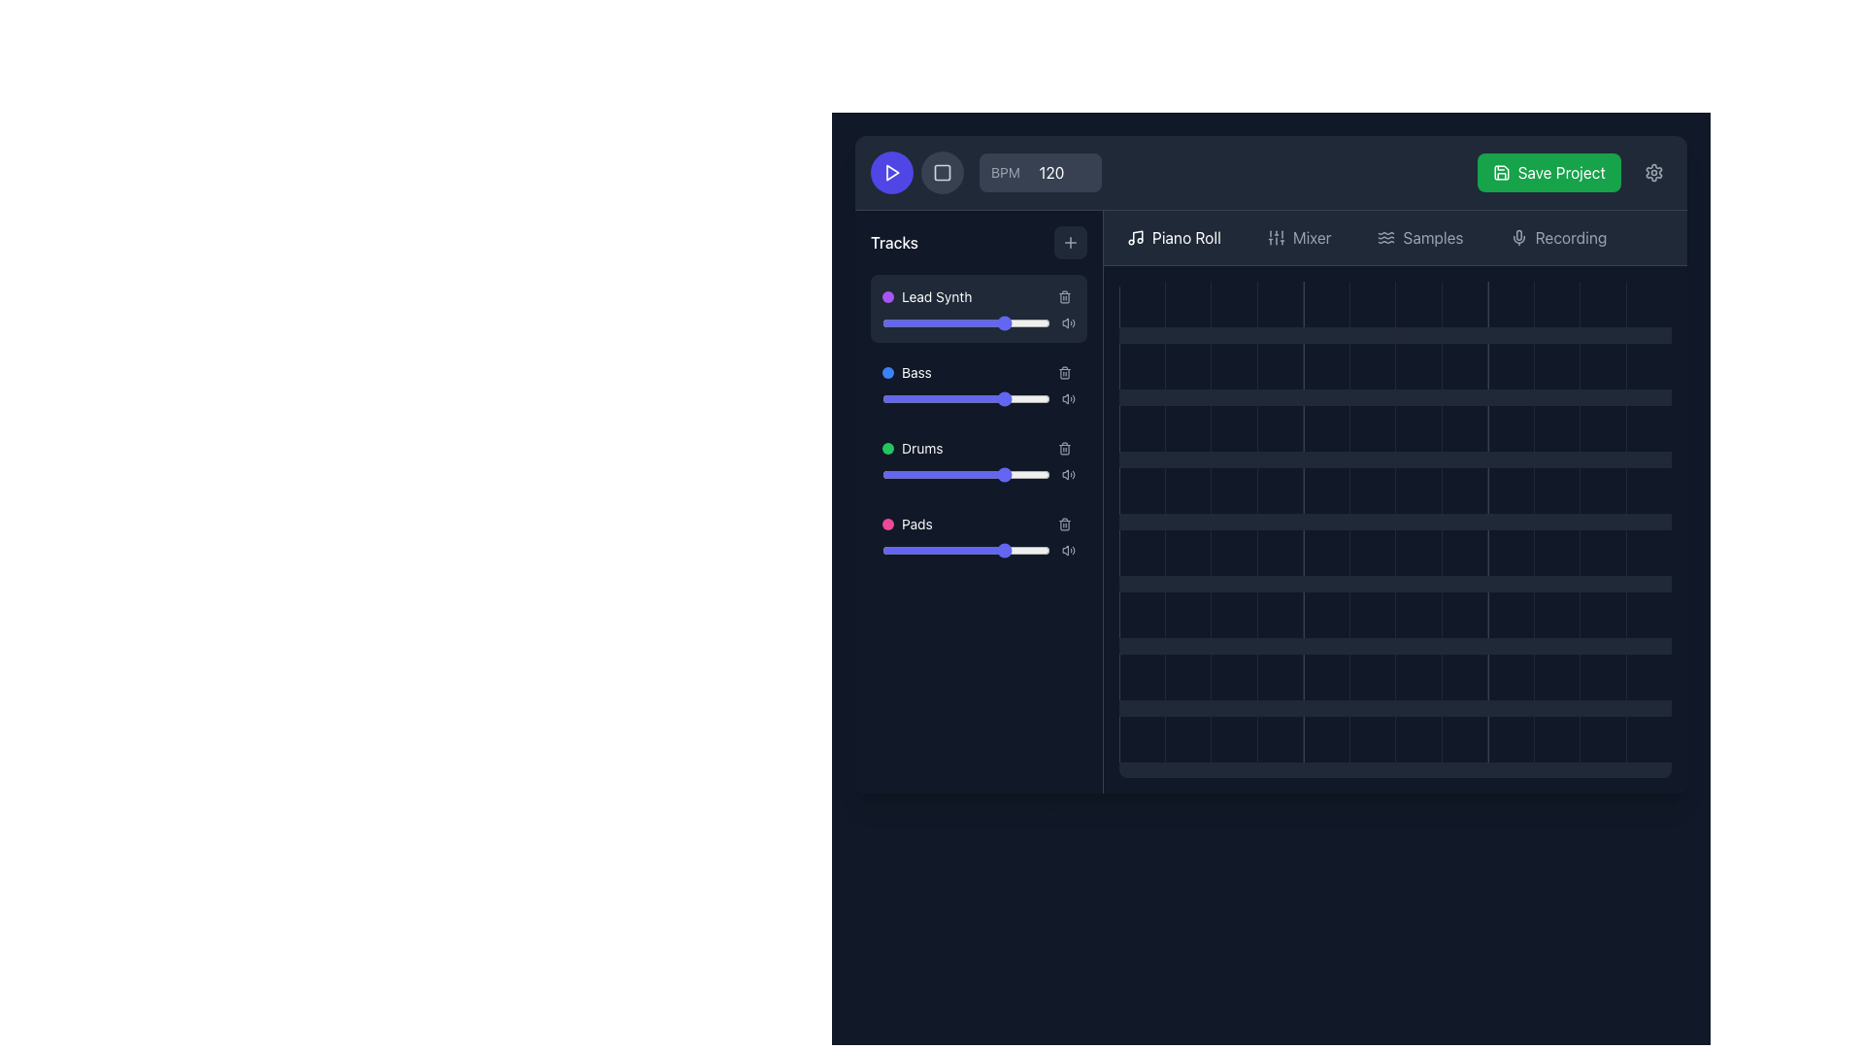 This screenshot has width=1864, height=1049. Describe the element at coordinates (1233, 739) in the screenshot. I see `the square grid cell located in the last row and third column from the left in the grid system, which is part of a music composition tool interface` at that location.